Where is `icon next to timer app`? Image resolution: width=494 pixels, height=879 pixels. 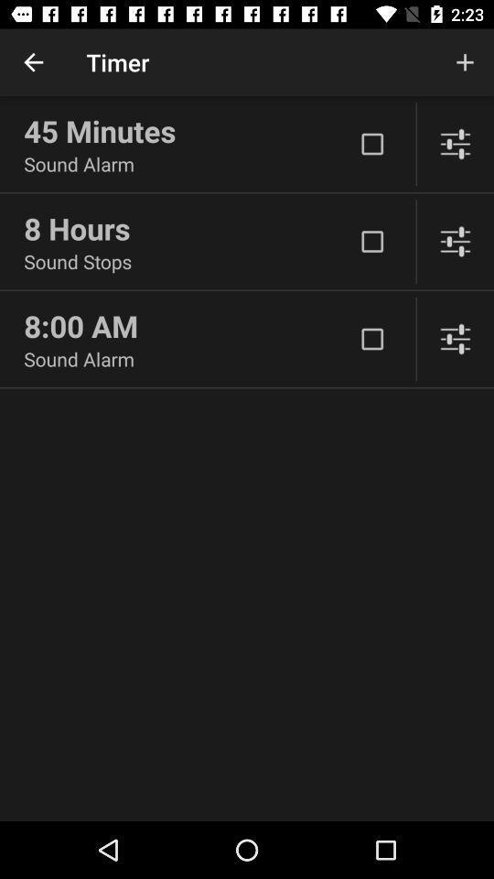 icon next to timer app is located at coordinates (33, 62).